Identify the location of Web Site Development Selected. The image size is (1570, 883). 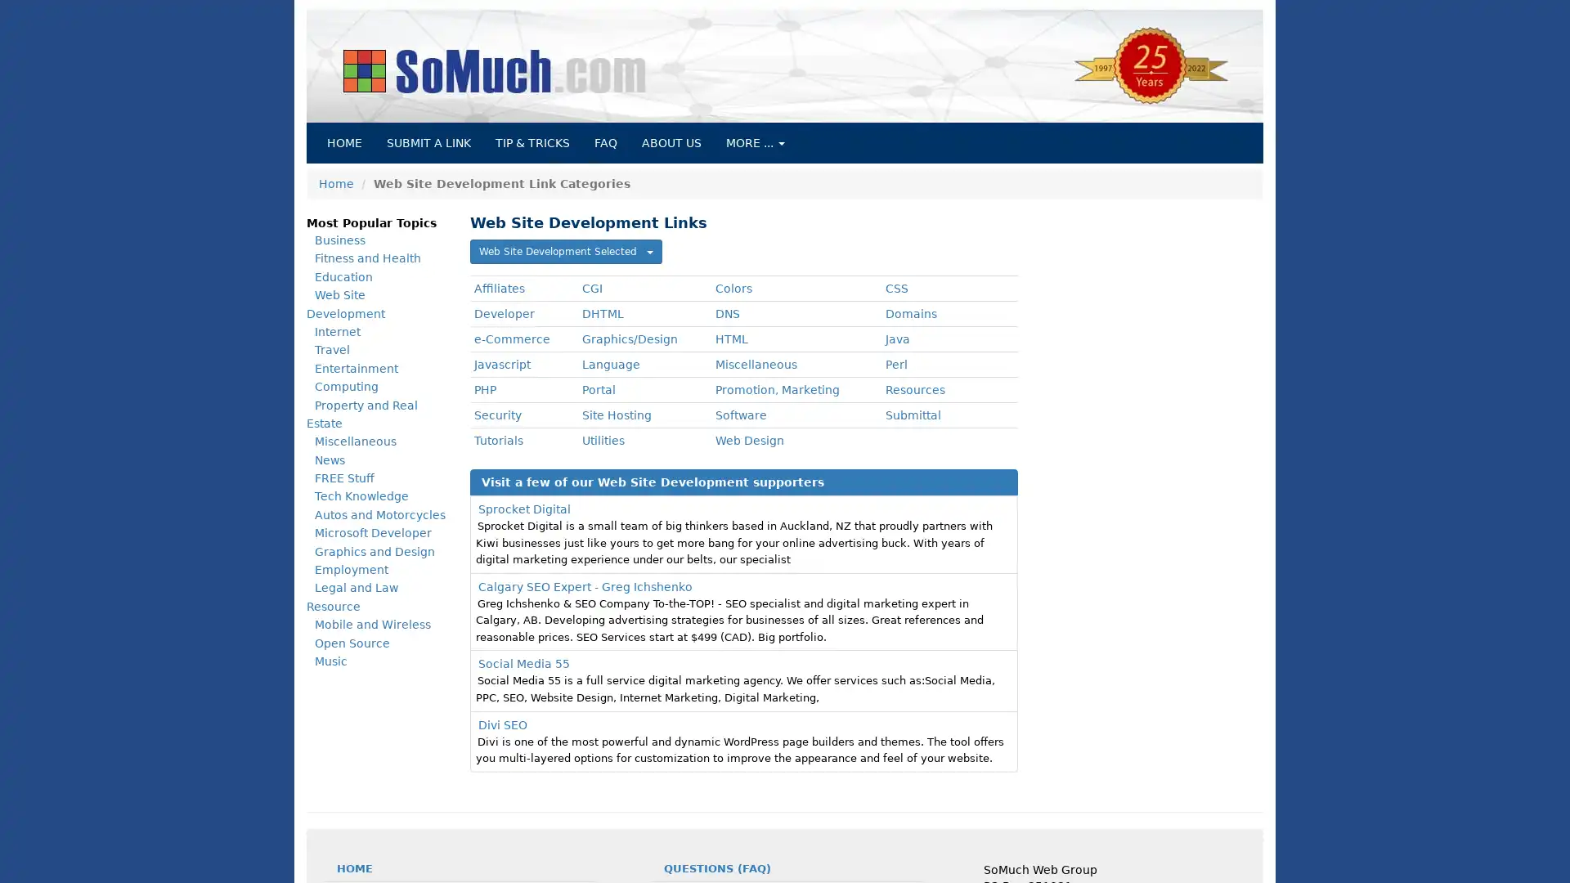
(566, 252).